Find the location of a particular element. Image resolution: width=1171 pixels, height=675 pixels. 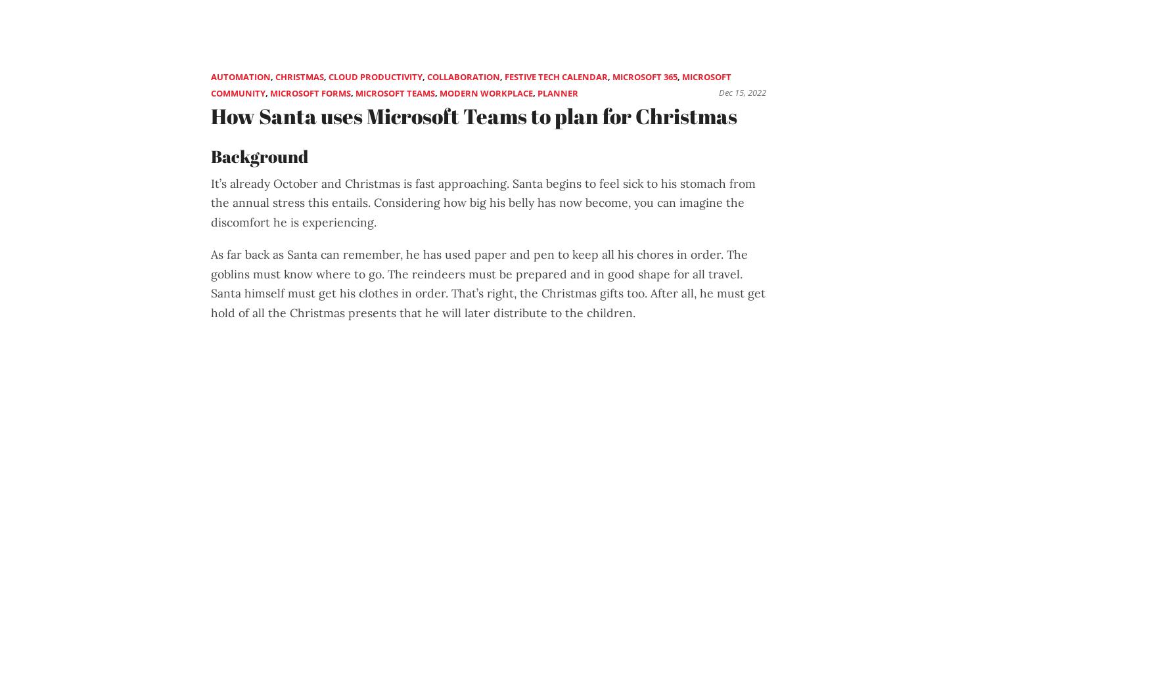

'How Santa uses Microsoft Teams to plan for Christmas' is located at coordinates (474, 116).